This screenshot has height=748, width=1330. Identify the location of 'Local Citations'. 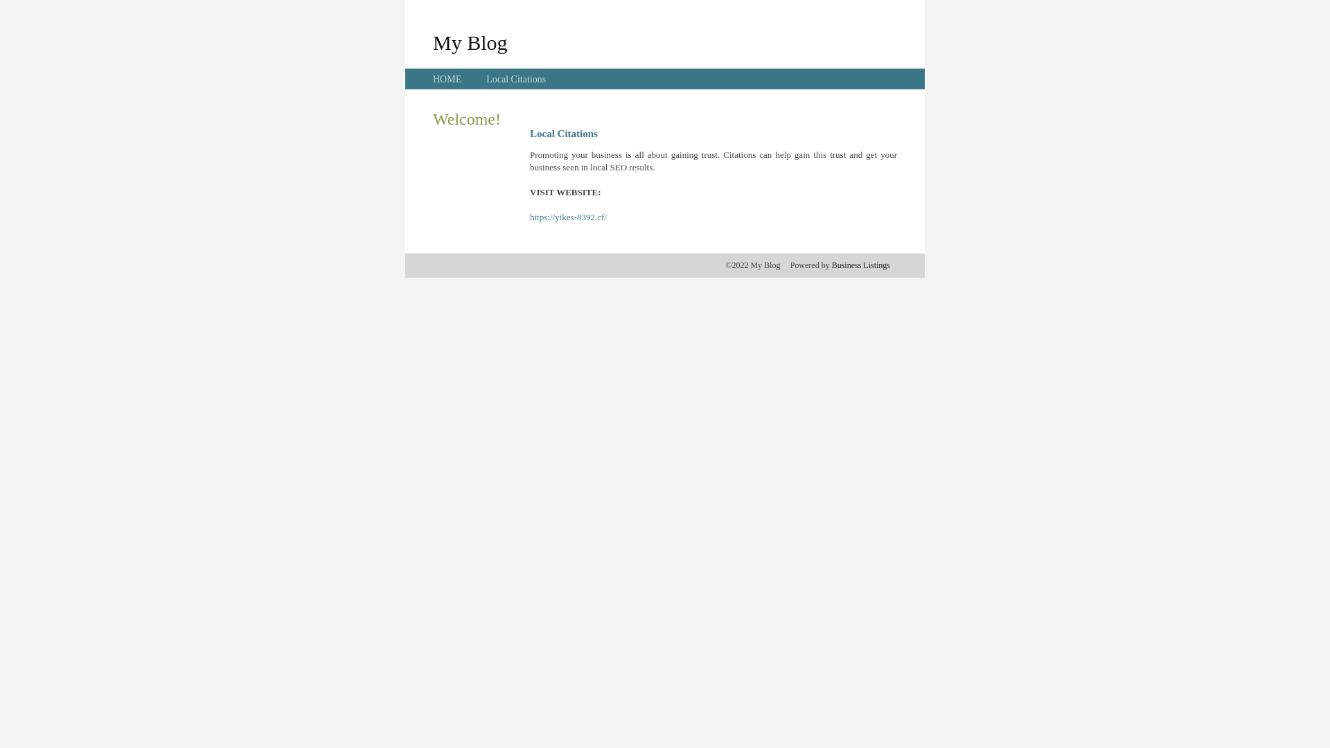
(486, 79).